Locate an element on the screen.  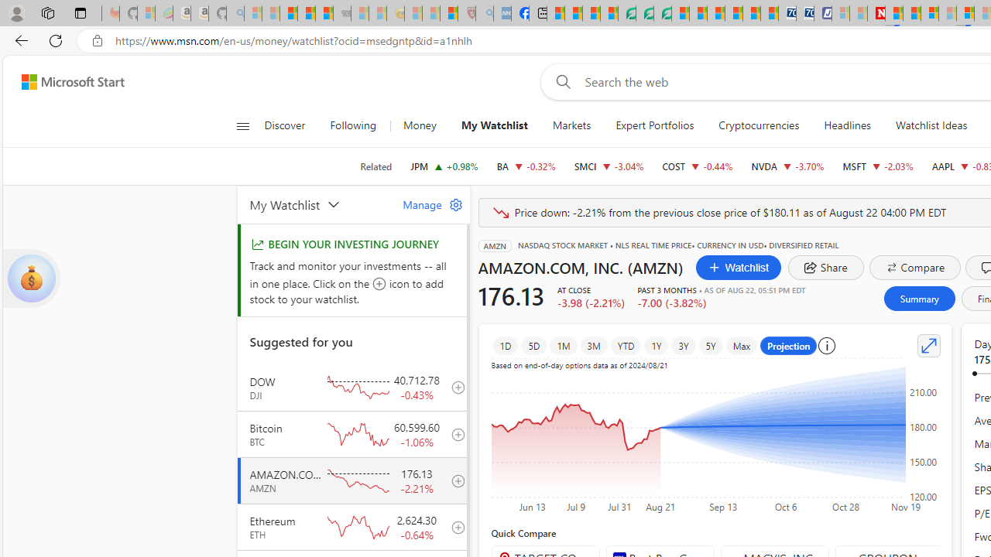
'Terms of Use Agreement' is located at coordinates (644, 13).